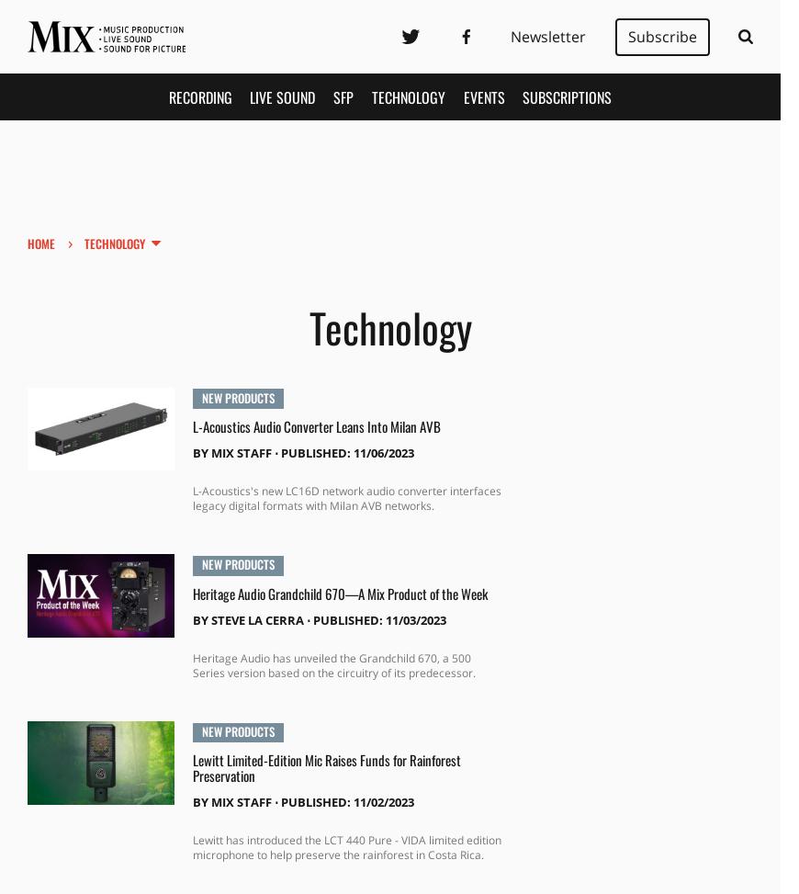 This screenshot has height=894, width=799. What do you see at coordinates (198, 96) in the screenshot?
I see `'Recording'` at bounding box center [198, 96].